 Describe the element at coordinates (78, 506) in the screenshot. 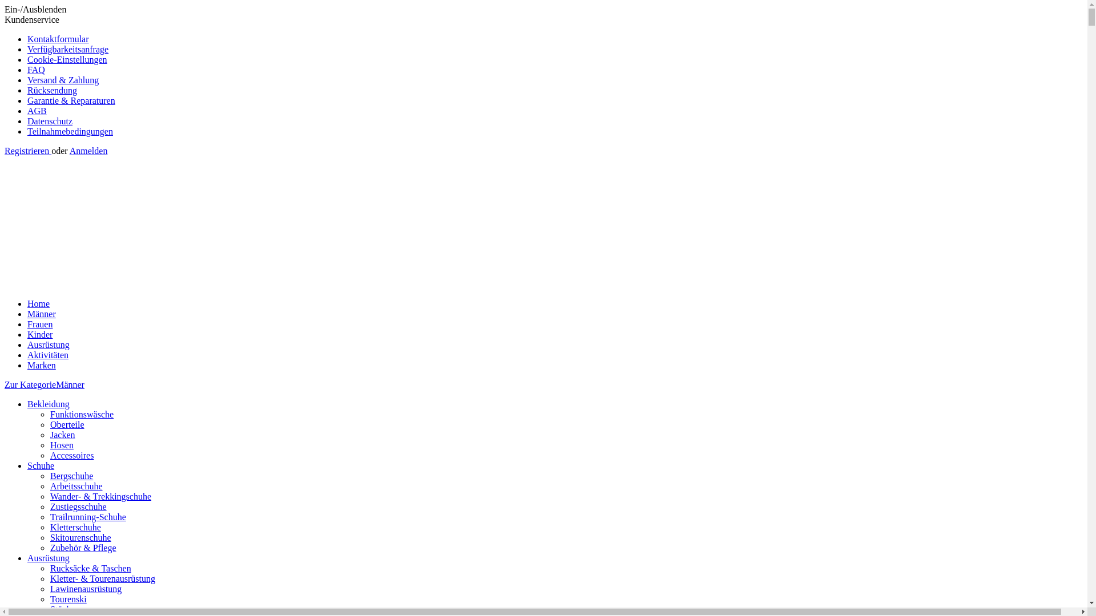

I see `'Zustiegsschuhe'` at that location.